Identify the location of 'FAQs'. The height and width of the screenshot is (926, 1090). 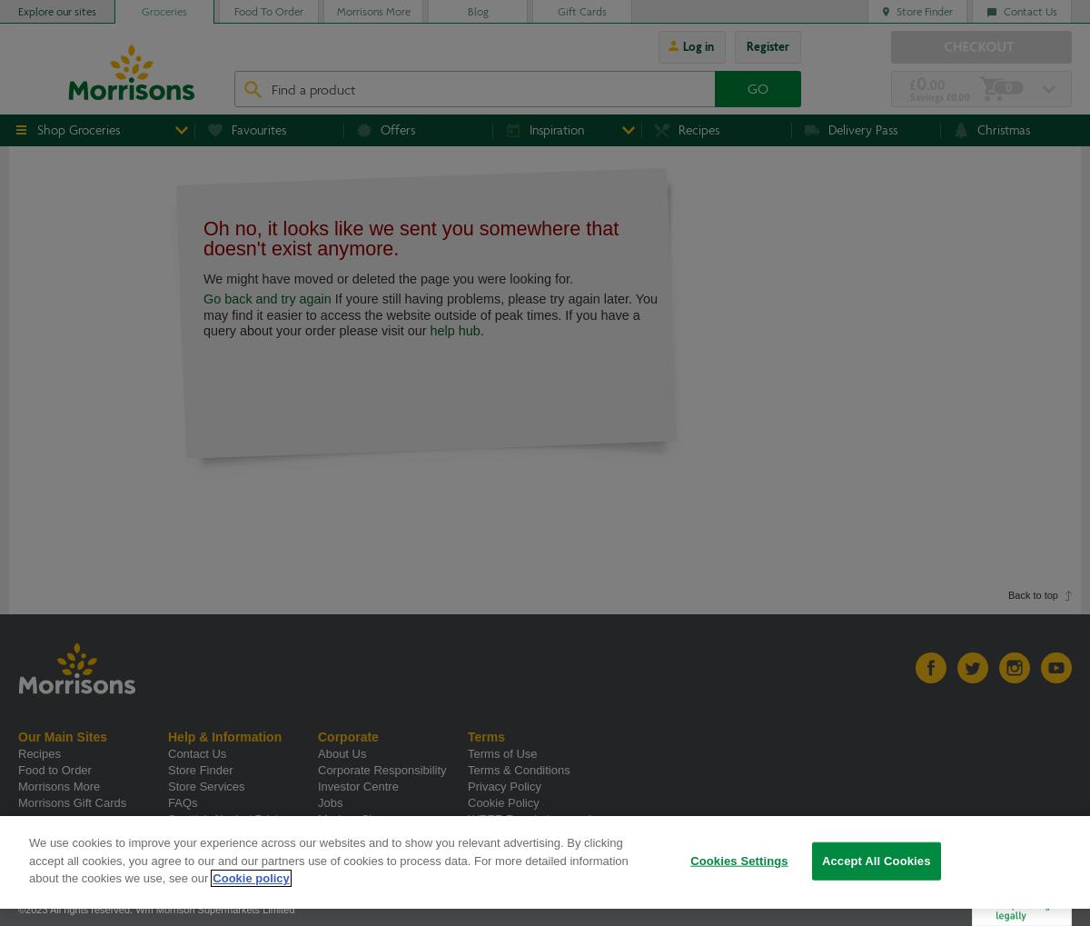
(182, 802).